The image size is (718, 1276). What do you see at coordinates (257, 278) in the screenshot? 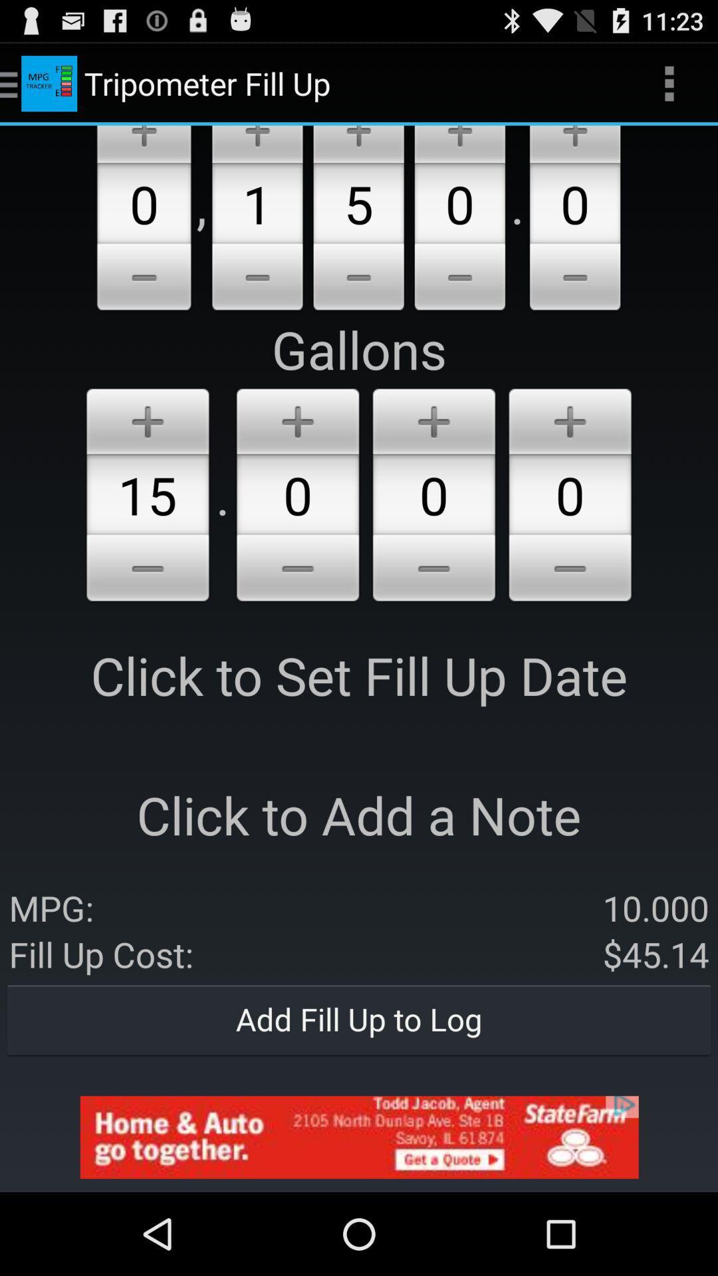
I see `decrease number` at bounding box center [257, 278].